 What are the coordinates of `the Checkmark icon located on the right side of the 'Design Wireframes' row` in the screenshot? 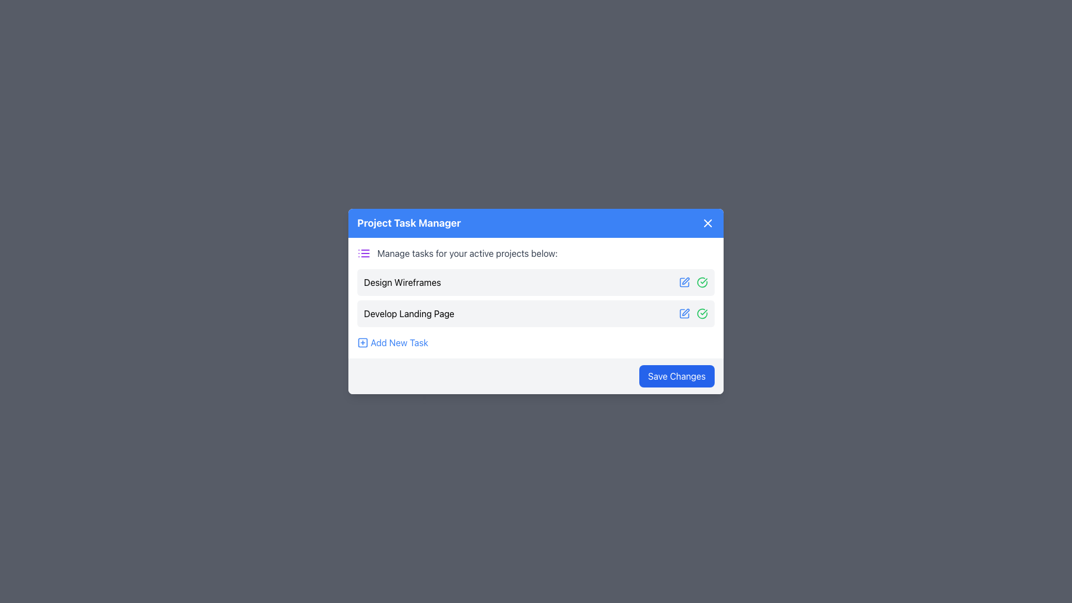 It's located at (701, 314).